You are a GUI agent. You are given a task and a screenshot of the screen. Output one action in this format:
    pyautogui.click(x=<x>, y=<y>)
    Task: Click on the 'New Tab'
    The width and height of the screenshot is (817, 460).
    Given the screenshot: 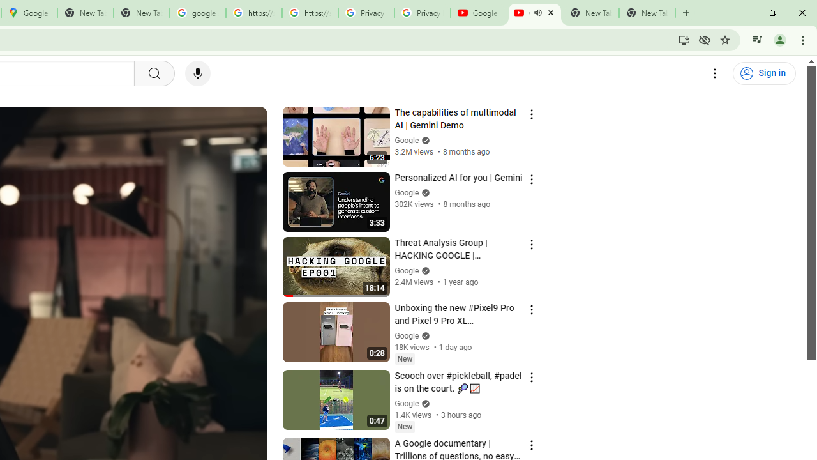 What is the action you would take?
    pyautogui.click(x=647, y=13)
    